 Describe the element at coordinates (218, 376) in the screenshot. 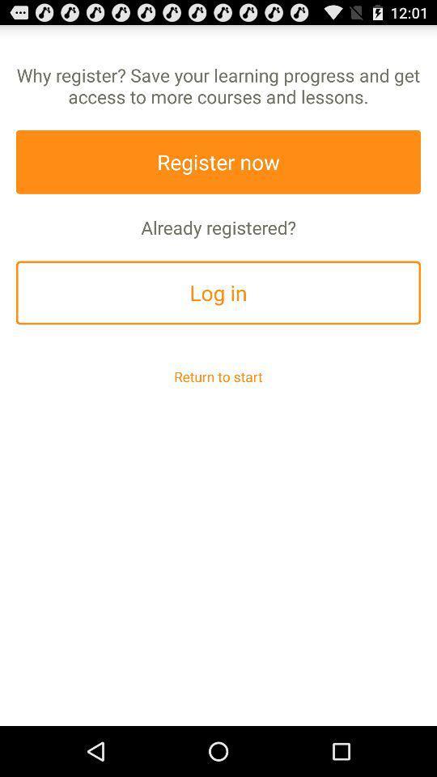

I see `return to start app` at that location.